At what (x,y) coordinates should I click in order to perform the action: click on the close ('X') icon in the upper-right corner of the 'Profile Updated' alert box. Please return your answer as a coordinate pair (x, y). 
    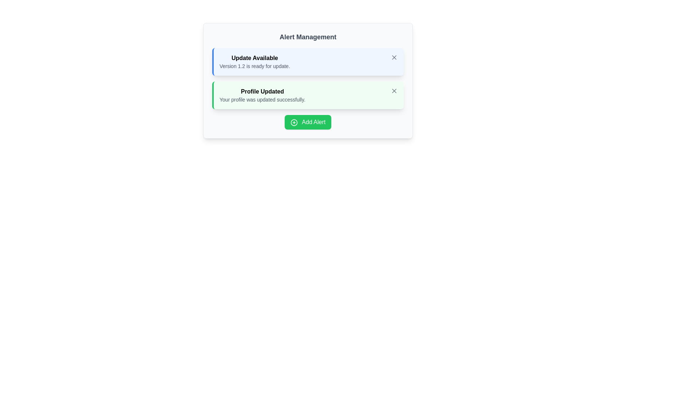
    Looking at the image, I should click on (394, 91).